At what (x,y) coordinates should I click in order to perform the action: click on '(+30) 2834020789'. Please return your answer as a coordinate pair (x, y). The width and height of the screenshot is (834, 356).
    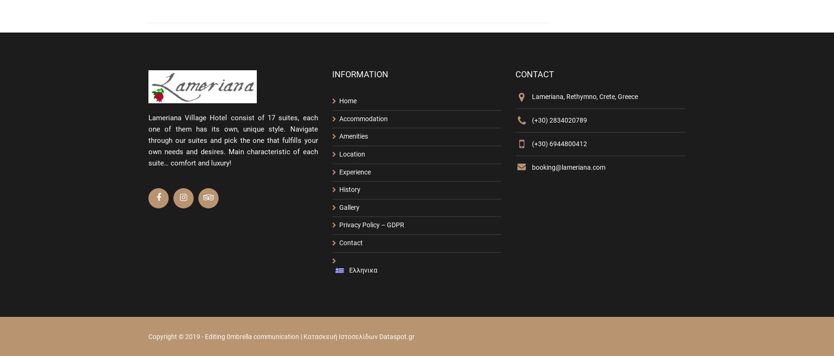
    Looking at the image, I should click on (559, 120).